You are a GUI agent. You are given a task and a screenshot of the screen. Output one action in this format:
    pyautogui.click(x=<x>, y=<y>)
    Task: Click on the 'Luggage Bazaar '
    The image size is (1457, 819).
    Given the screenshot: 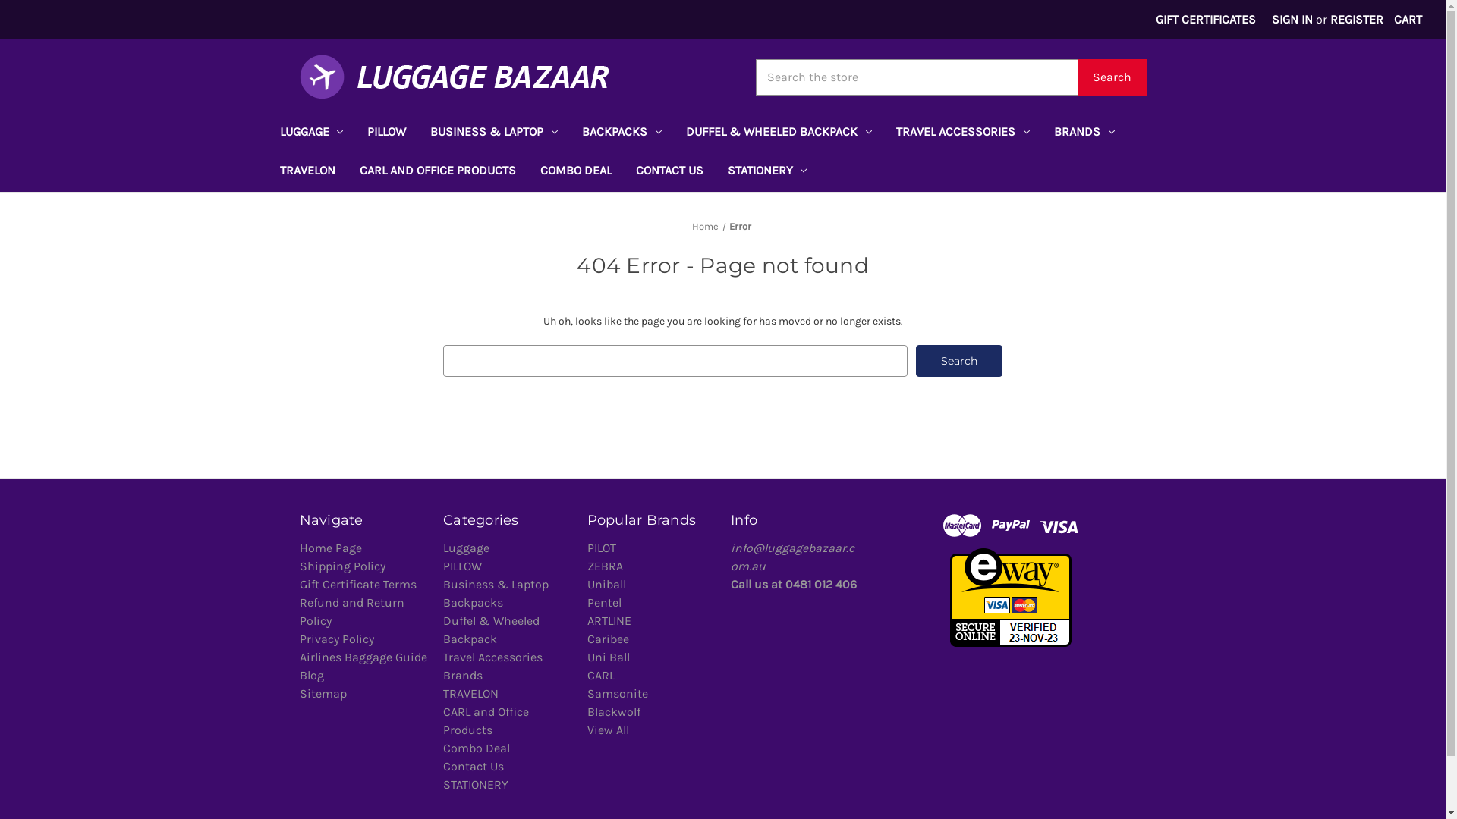 What is the action you would take?
    pyautogui.click(x=453, y=77)
    